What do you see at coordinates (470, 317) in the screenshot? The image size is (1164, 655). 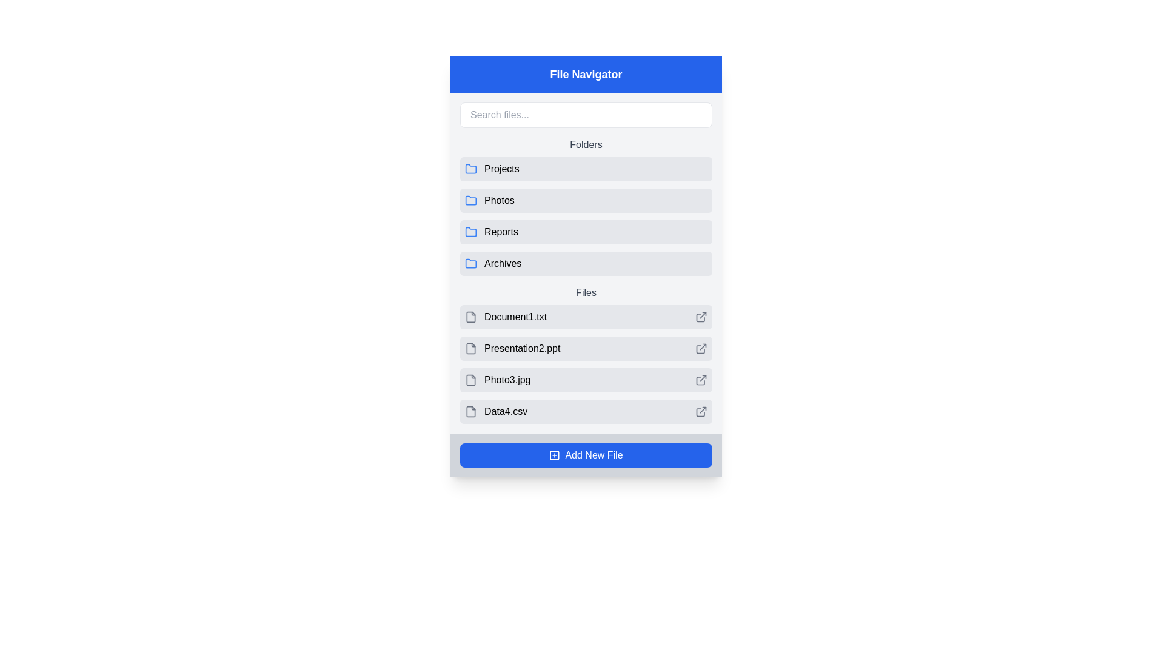 I see `the document icon located near the top-left corner of the file entry labeled 'Document1.txt' in the Files section` at bounding box center [470, 317].